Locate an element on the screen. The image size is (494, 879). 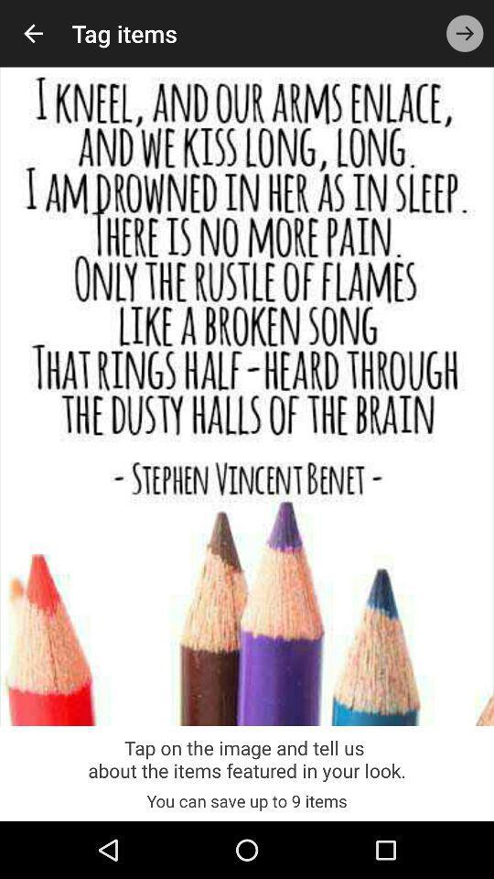
the item next to the tag items item is located at coordinates (33, 32).